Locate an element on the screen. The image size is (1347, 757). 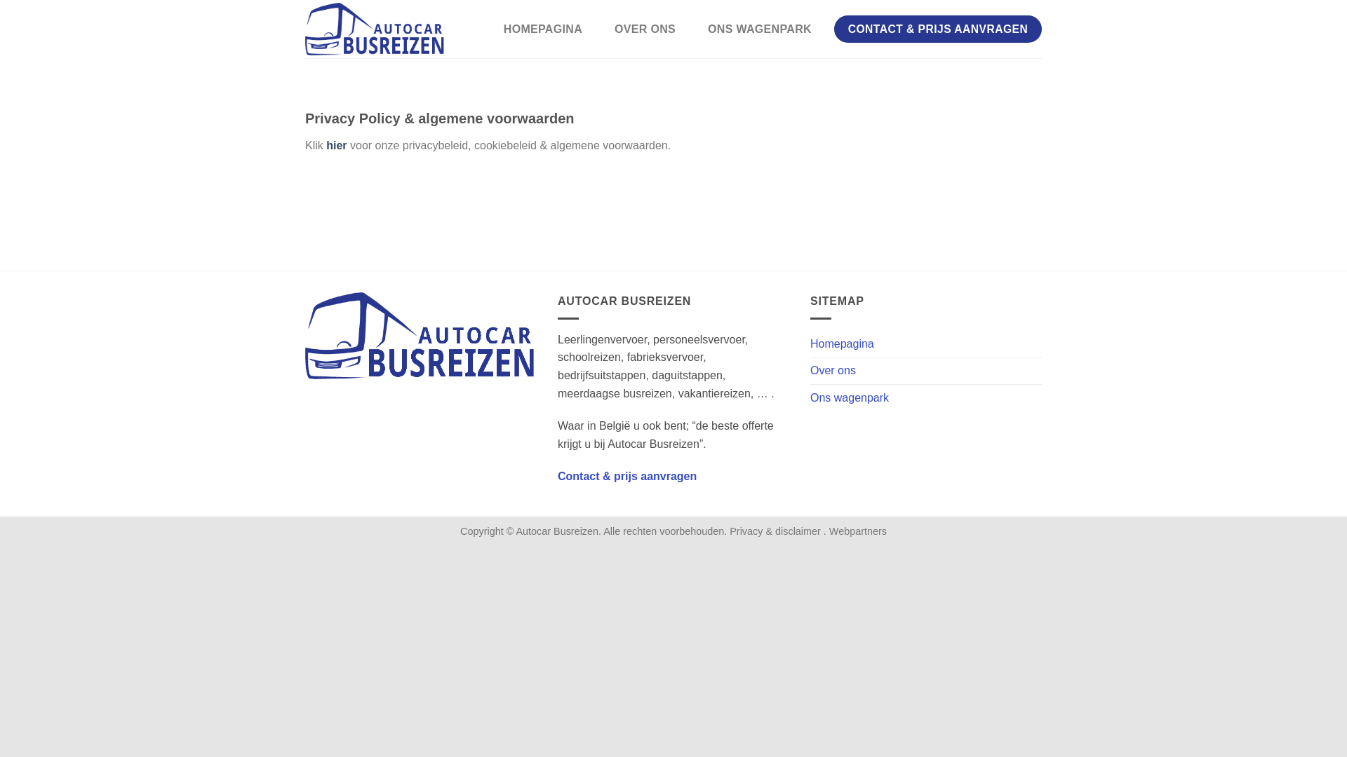
'HOMEPAGINA' is located at coordinates (542, 29).